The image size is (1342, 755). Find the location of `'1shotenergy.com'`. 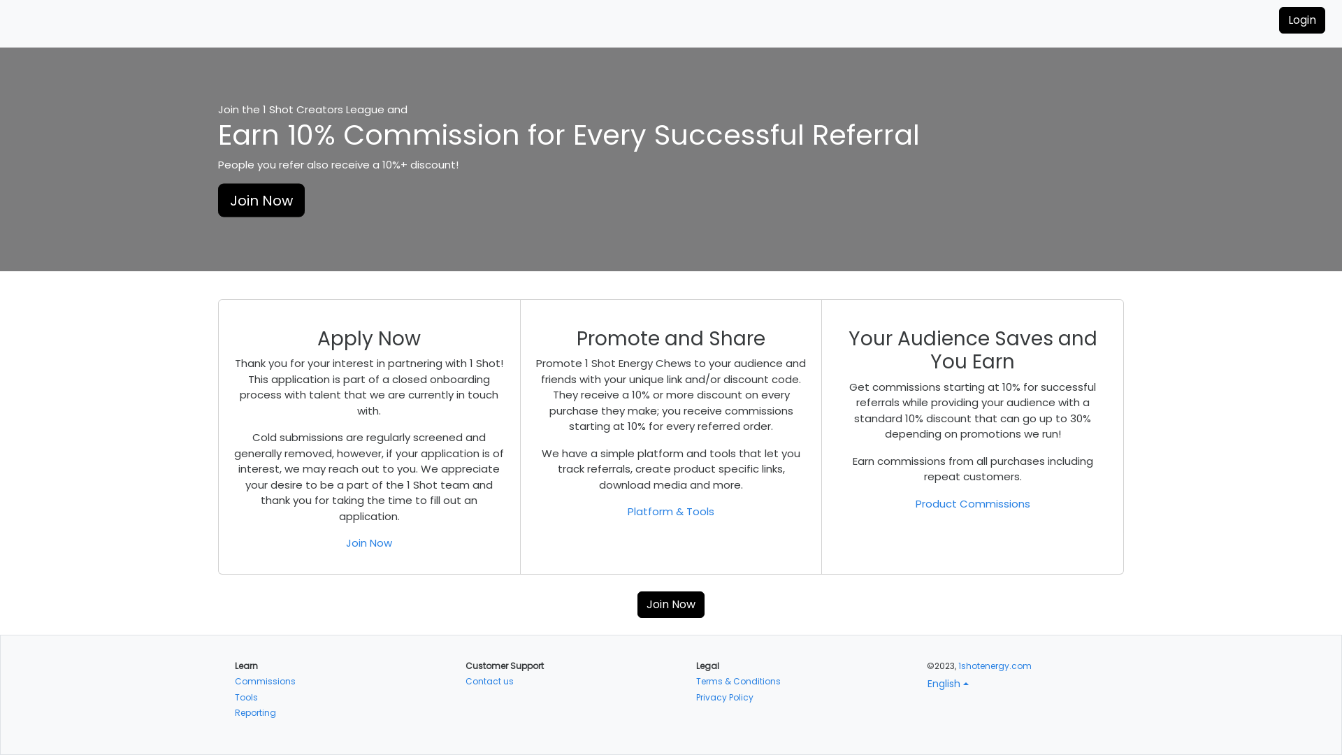

'1shotenergy.com' is located at coordinates (994, 665).